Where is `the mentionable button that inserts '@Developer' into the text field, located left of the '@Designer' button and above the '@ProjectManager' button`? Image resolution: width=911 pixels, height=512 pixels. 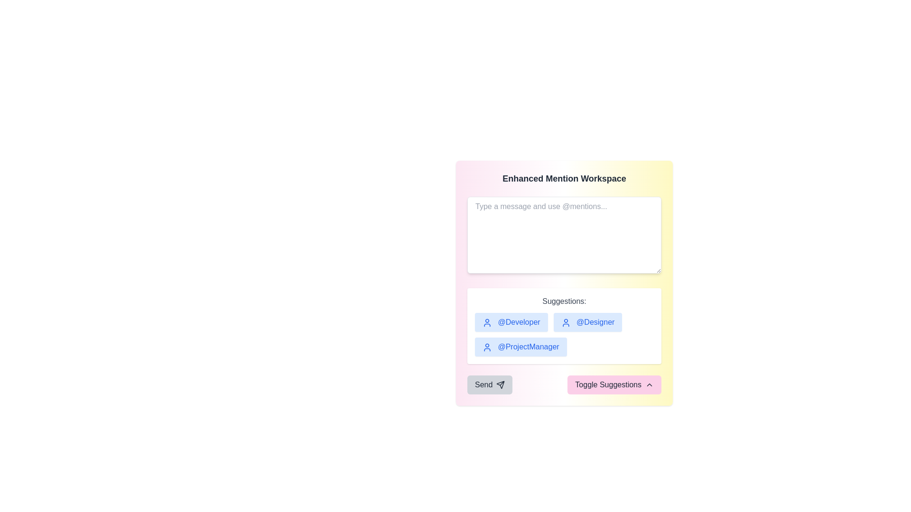
the mentionable button that inserts '@Developer' into the text field, located left of the '@Designer' button and above the '@ProjectManager' button is located at coordinates (511, 321).